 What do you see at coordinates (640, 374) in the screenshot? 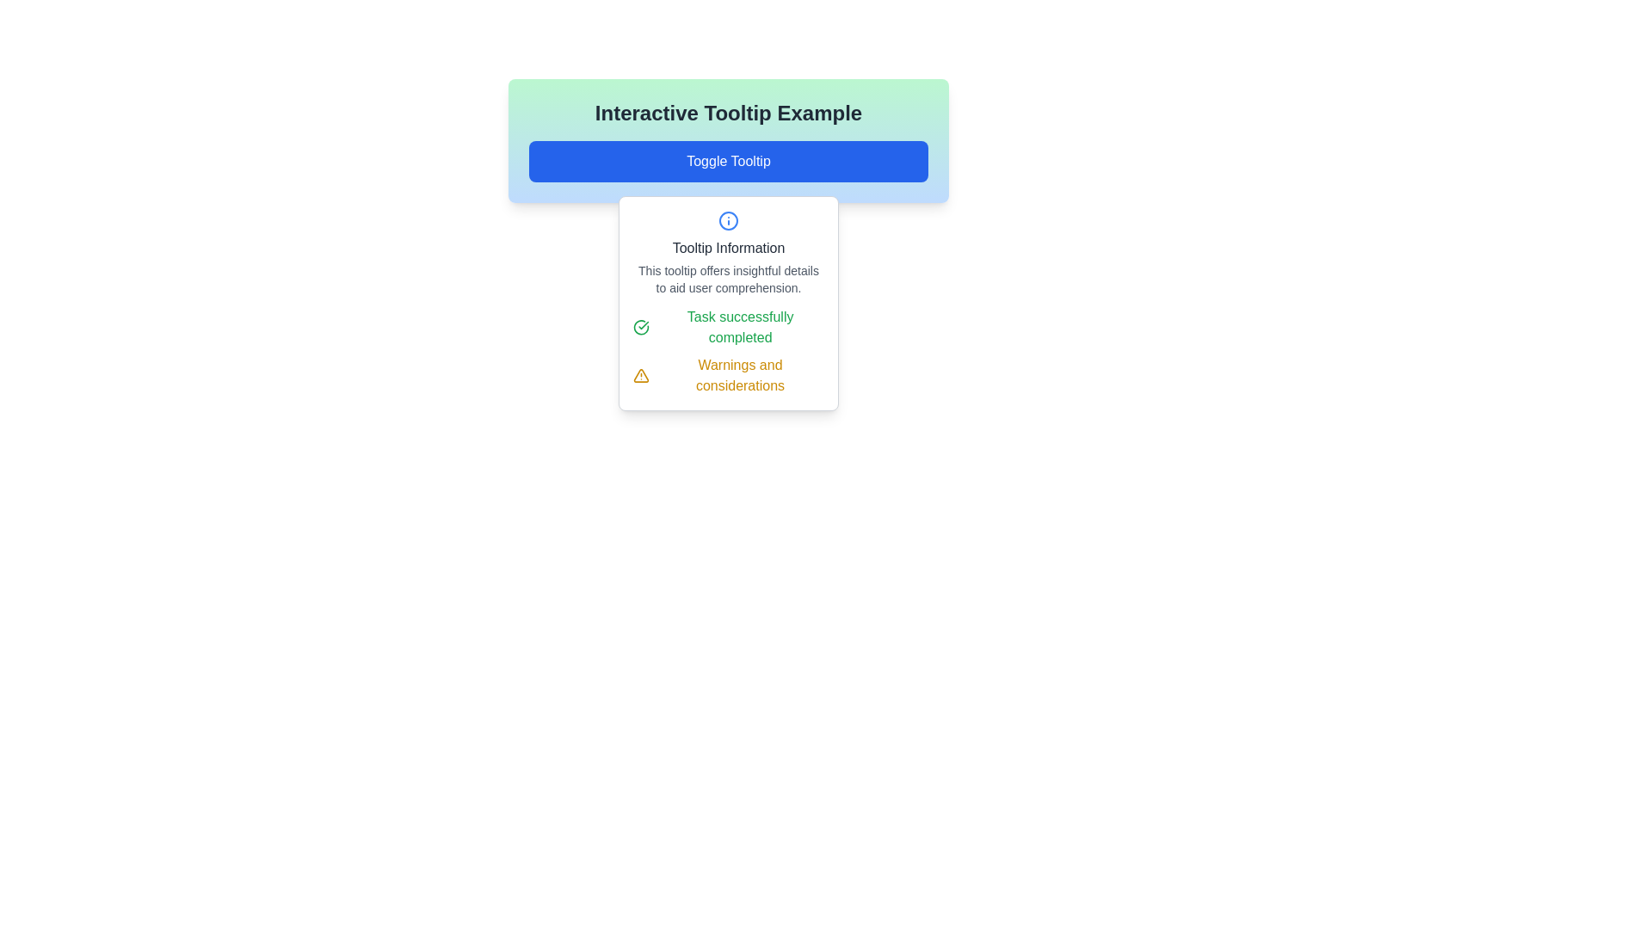
I see `the caution icon located within the tooltip, next to the text 'Warnings and considerations'` at bounding box center [640, 374].